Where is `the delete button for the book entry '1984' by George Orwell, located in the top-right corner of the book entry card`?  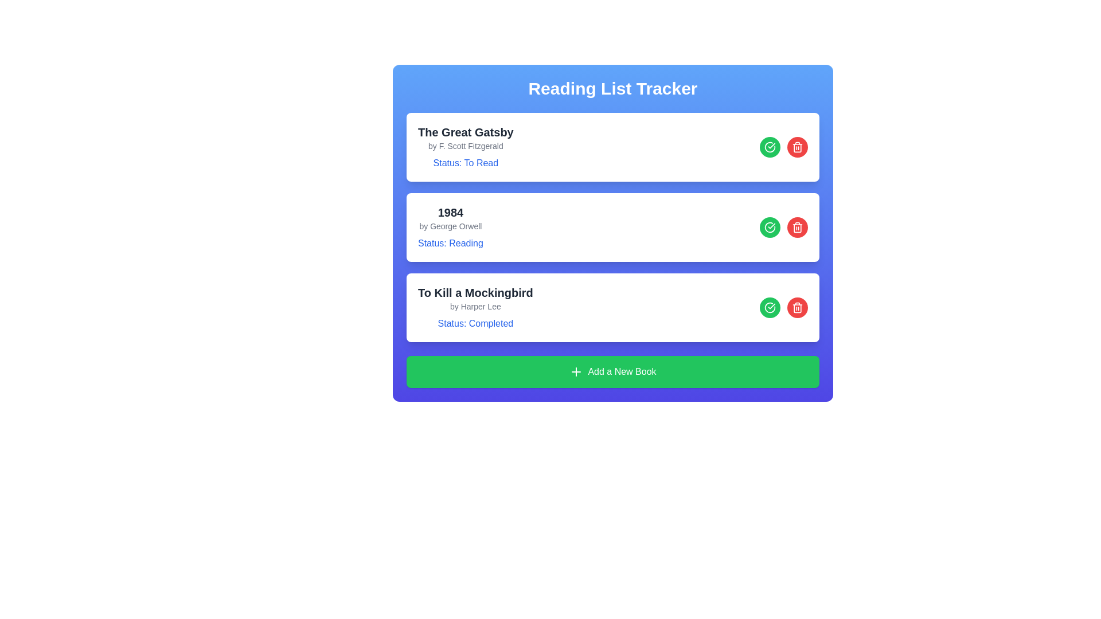 the delete button for the book entry '1984' by George Orwell, located in the top-right corner of the book entry card is located at coordinates (797, 307).